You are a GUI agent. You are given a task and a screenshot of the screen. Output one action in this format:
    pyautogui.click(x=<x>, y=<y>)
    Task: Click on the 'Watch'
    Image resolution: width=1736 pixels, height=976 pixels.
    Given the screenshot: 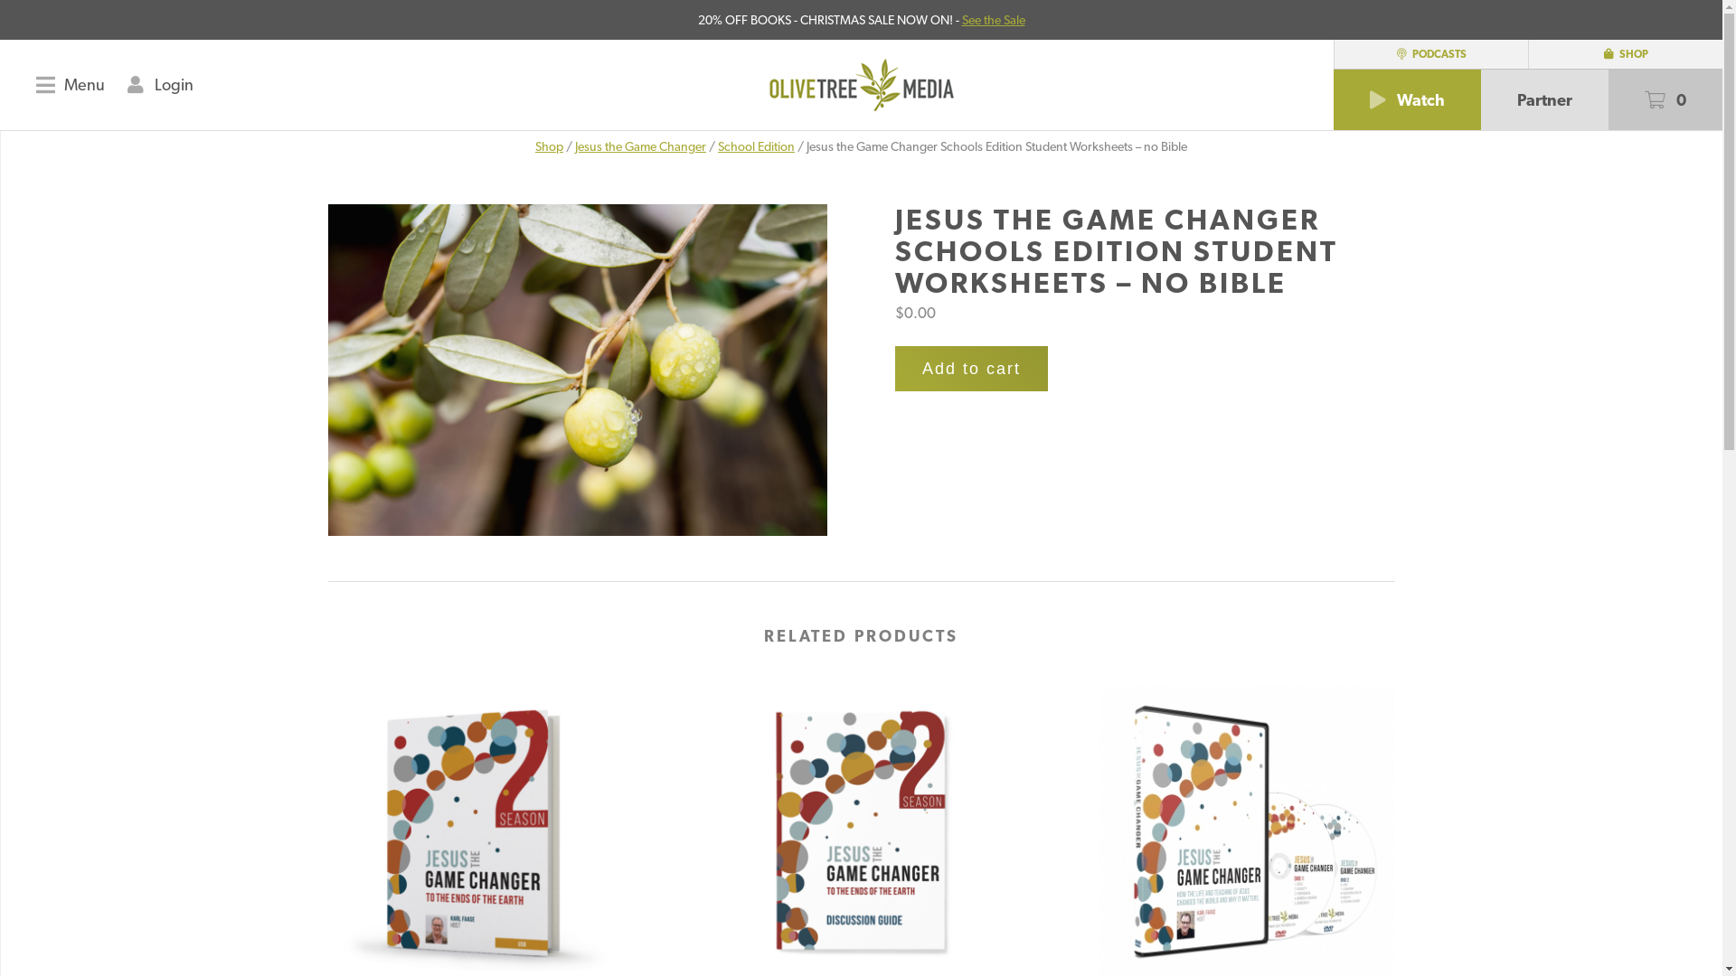 What is the action you would take?
    pyautogui.click(x=1406, y=99)
    